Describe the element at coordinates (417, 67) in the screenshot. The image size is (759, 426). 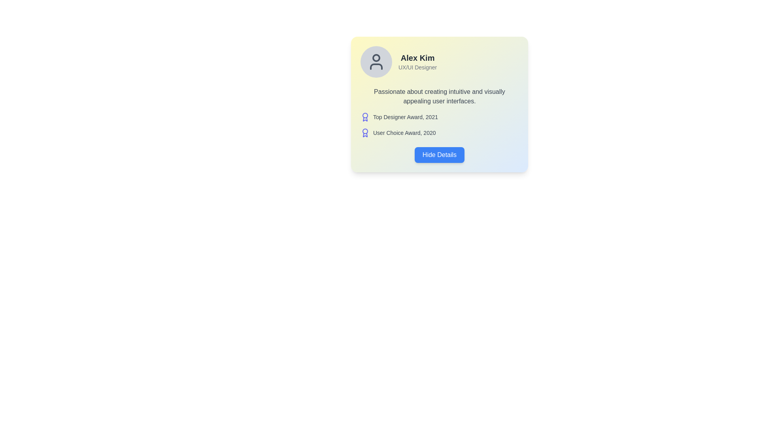
I see `the text element displaying 'UX/UI Designer' which is styled in gray and positioned below 'Alex Kim' within a card layout` at that location.